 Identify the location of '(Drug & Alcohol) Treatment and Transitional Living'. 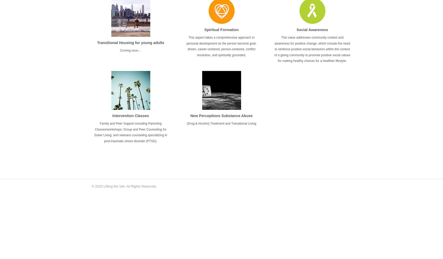
(186, 123).